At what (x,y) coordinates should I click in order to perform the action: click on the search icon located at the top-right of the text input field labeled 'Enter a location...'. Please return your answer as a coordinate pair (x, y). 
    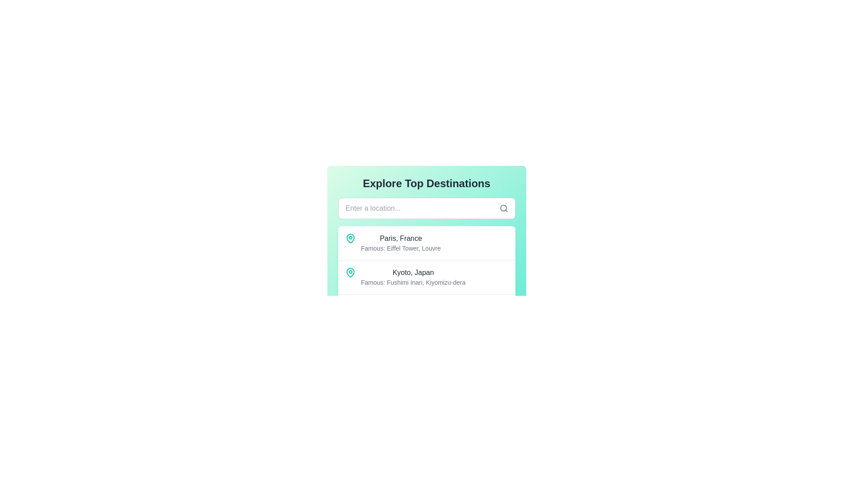
    Looking at the image, I should click on (504, 208).